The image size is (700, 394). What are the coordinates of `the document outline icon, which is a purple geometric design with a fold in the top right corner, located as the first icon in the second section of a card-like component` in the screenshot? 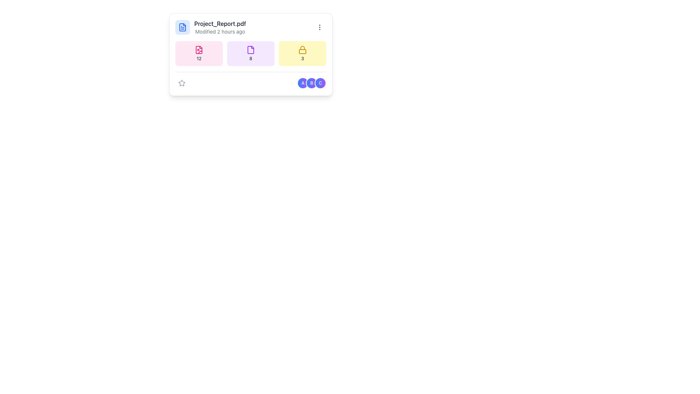 It's located at (250, 50).